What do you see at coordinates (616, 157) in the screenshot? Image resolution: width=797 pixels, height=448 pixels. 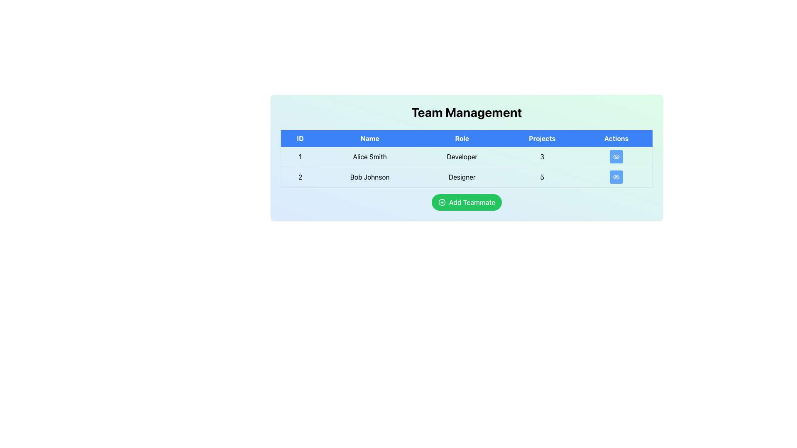 I see `the leftmost button in the 'Actions' column of the row corresponding to 'Alice Smith'` at bounding box center [616, 157].